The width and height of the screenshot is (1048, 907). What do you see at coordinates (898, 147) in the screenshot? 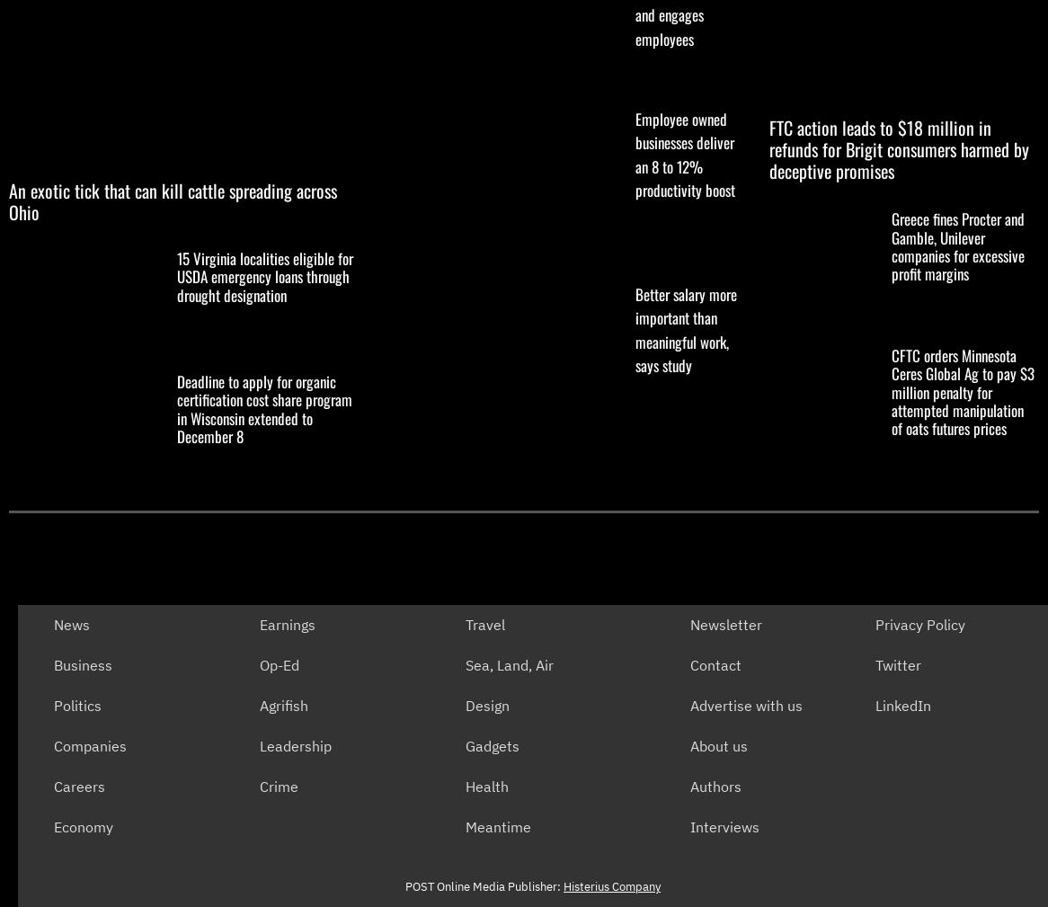
I see `'FTC action leads to $18 million in refunds for Brigit consumers harmed by deceptive promises'` at bounding box center [898, 147].